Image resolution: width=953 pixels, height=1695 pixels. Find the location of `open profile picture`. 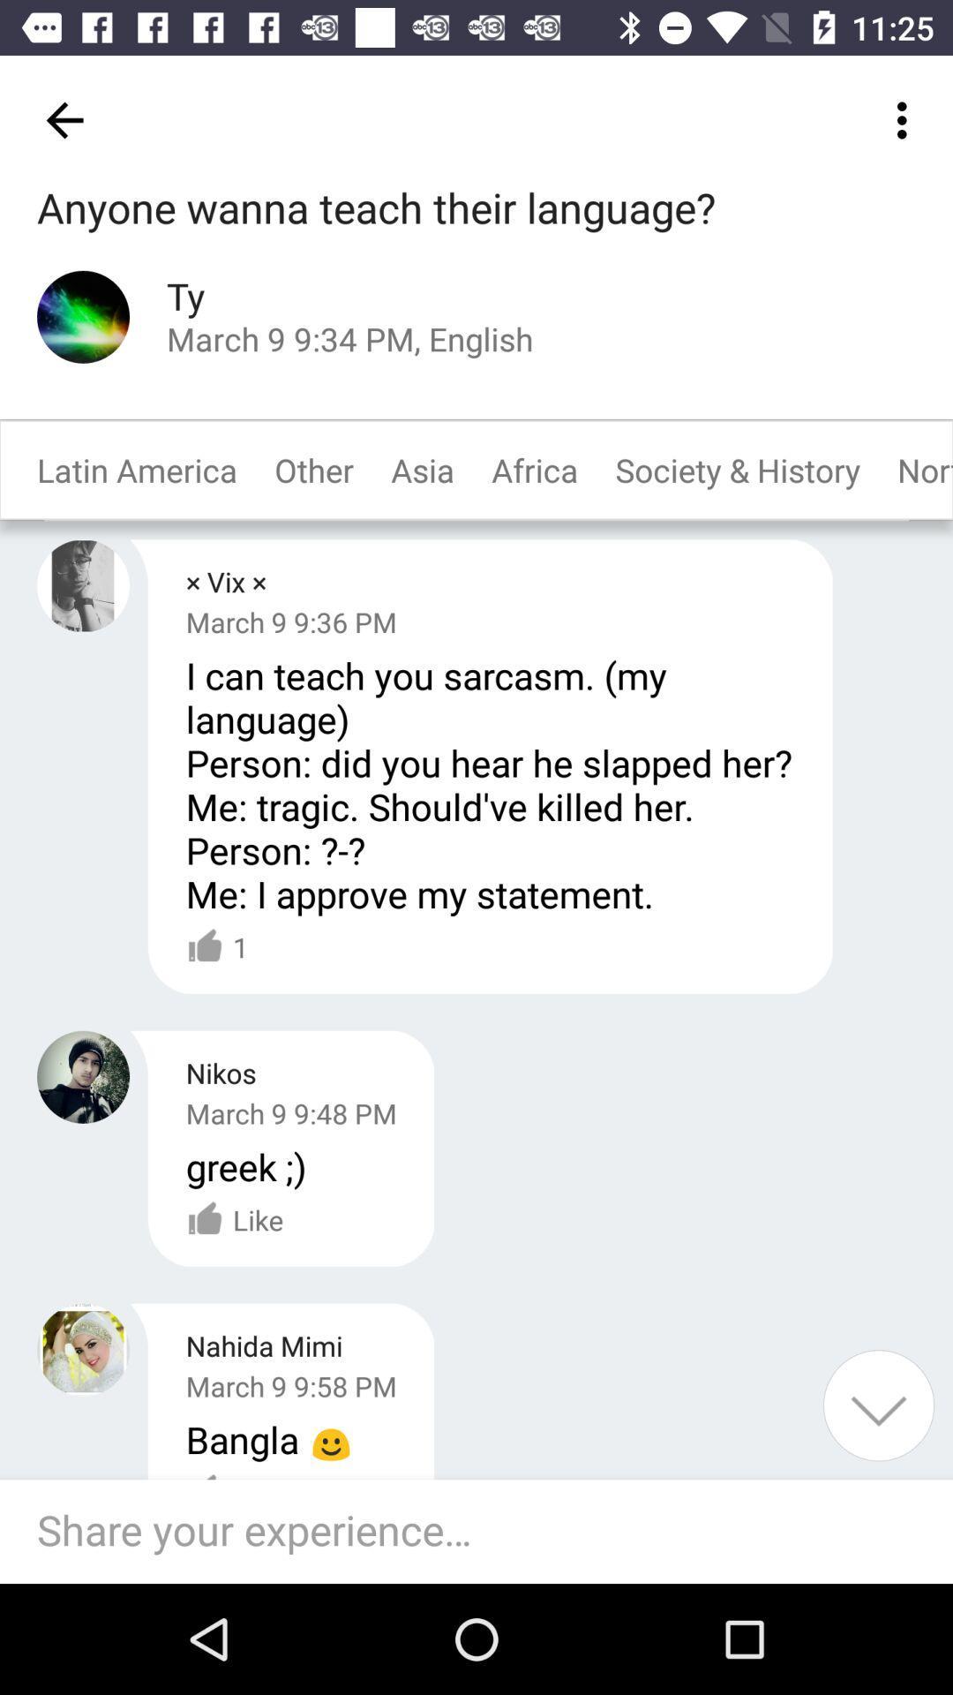

open profile picture is located at coordinates (83, 317).